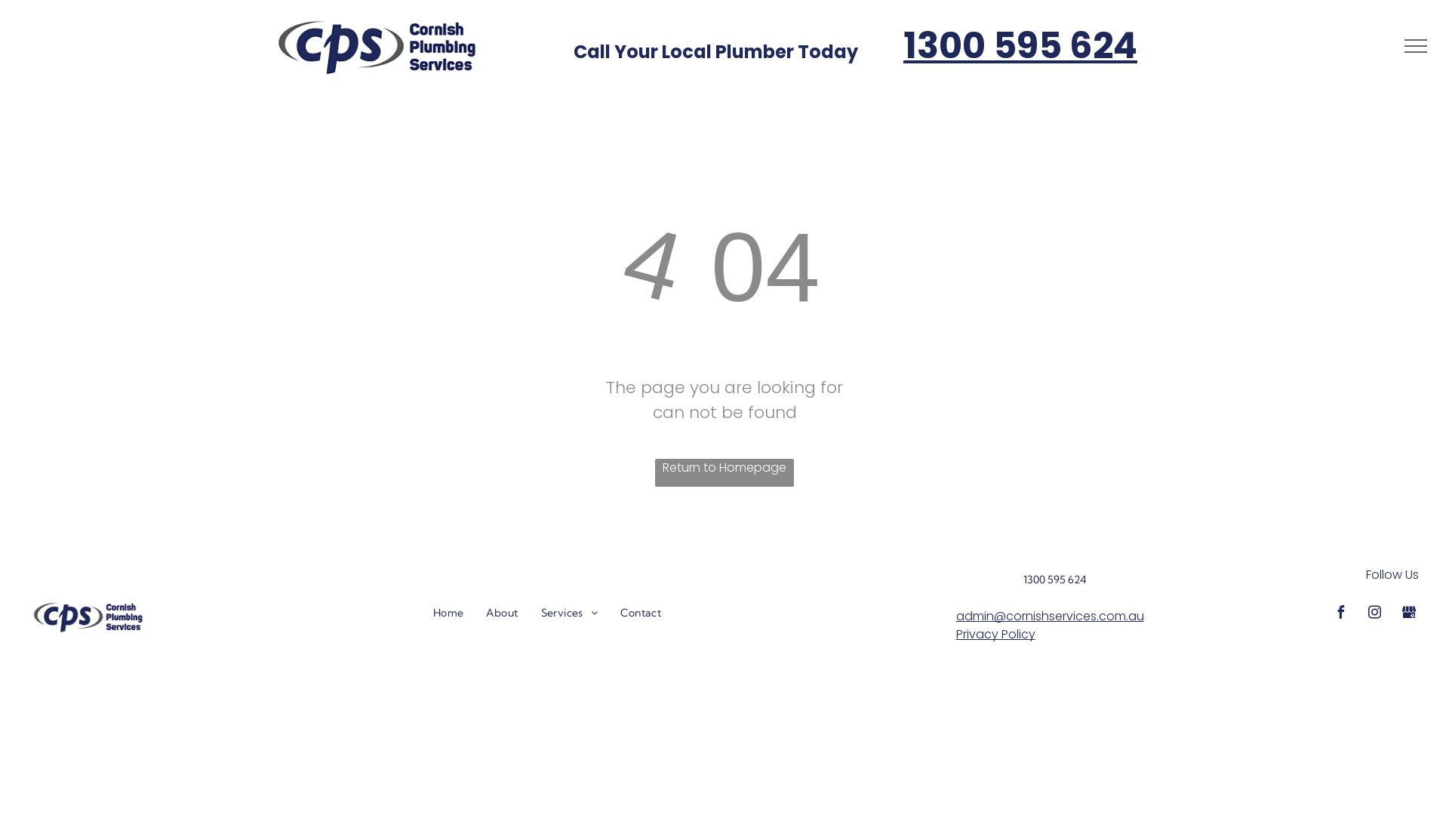 This screenshot has height=815, width=1449. I want to click on '1300 595 624', so click(1020, 45).